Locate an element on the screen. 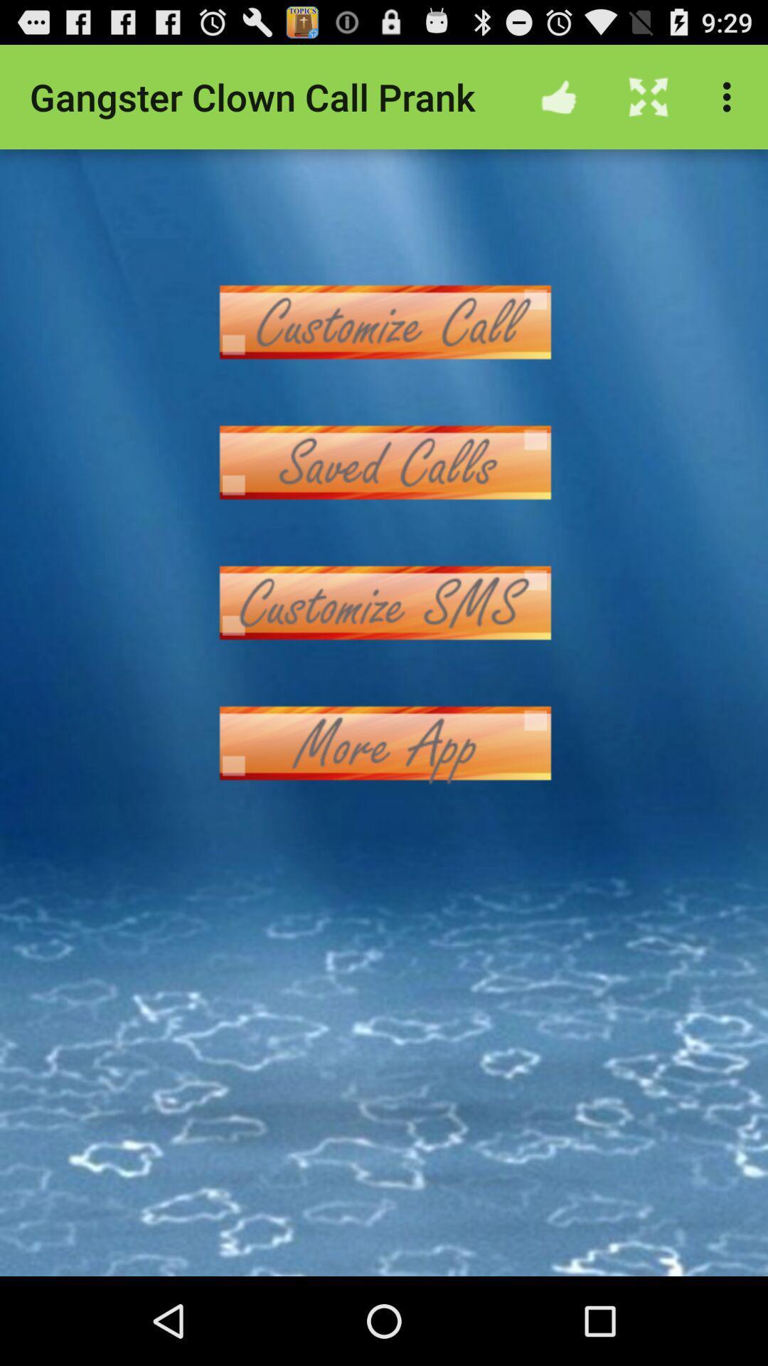  open a menu is located at coordinates (384, 462).